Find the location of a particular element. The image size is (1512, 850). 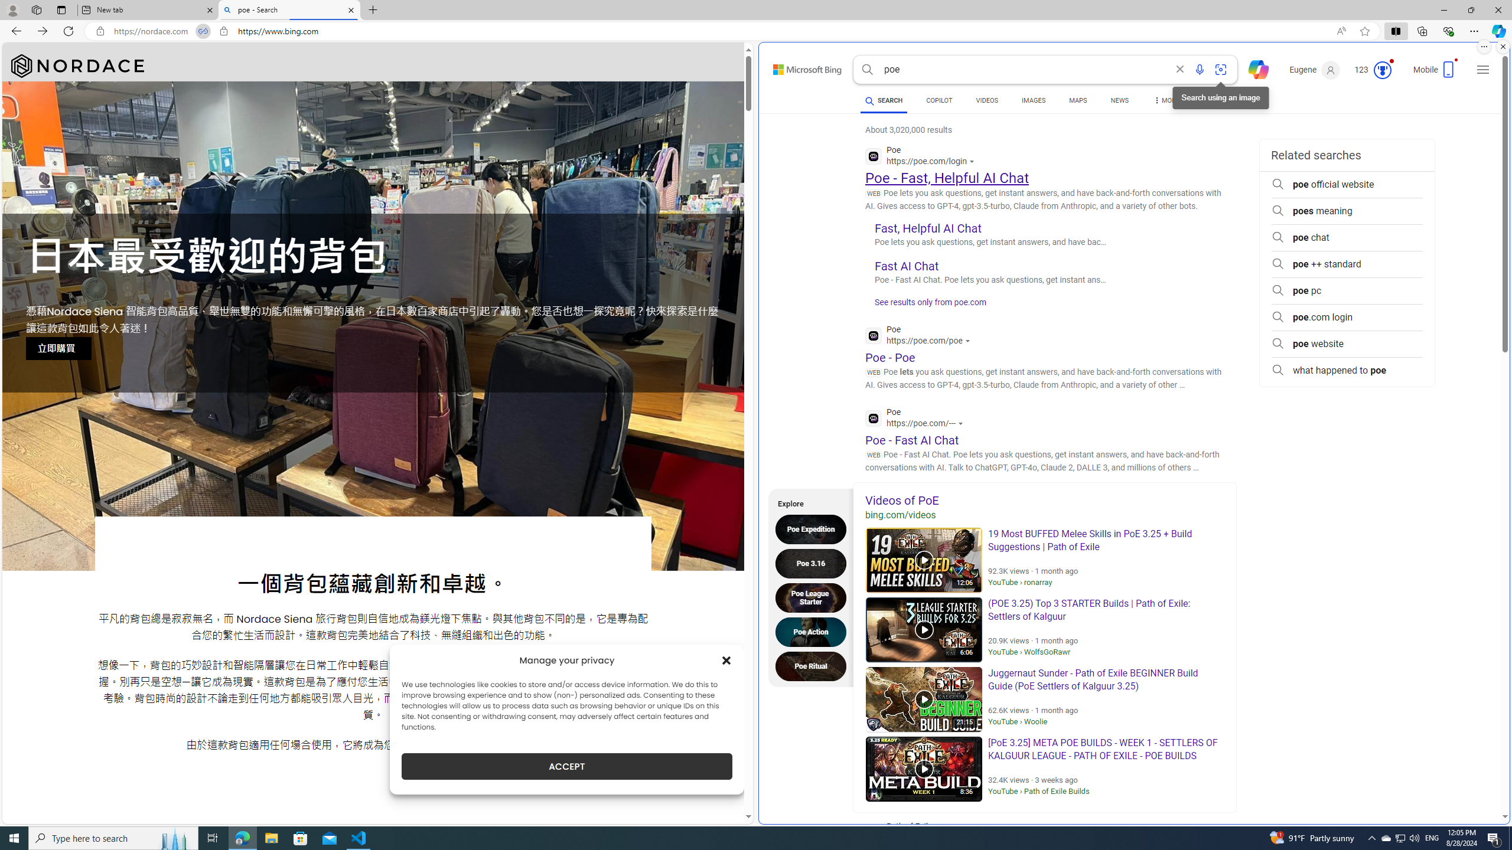

'TOOLS' is located at coordinates (1216, 100).